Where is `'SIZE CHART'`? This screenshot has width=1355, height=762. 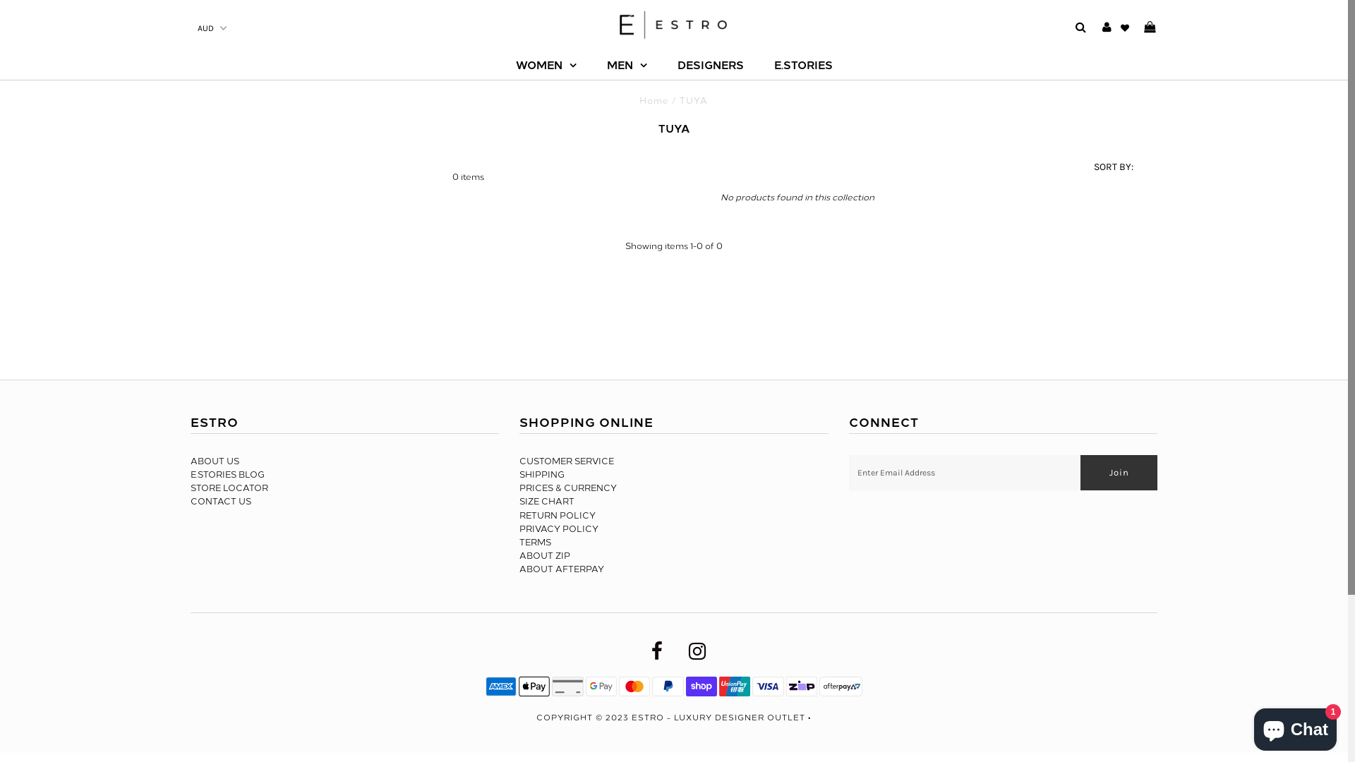 'SIZE CHART' is located at coordinates (546, 500).